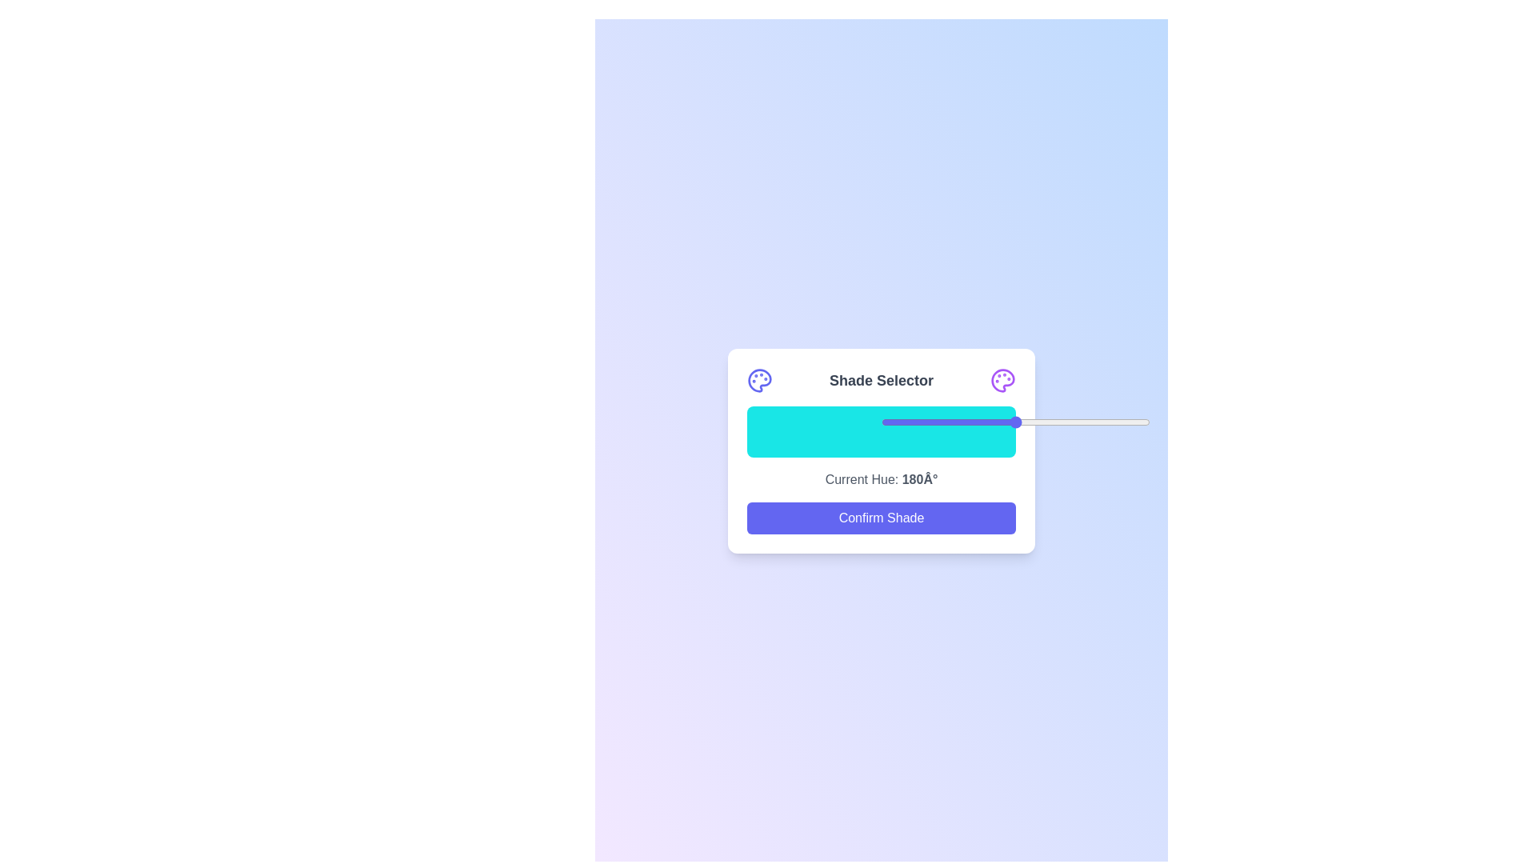  Describe the element at coordinates (951, 422) in the screenshot. I see `the slider to set the shade to 26%` at that location.